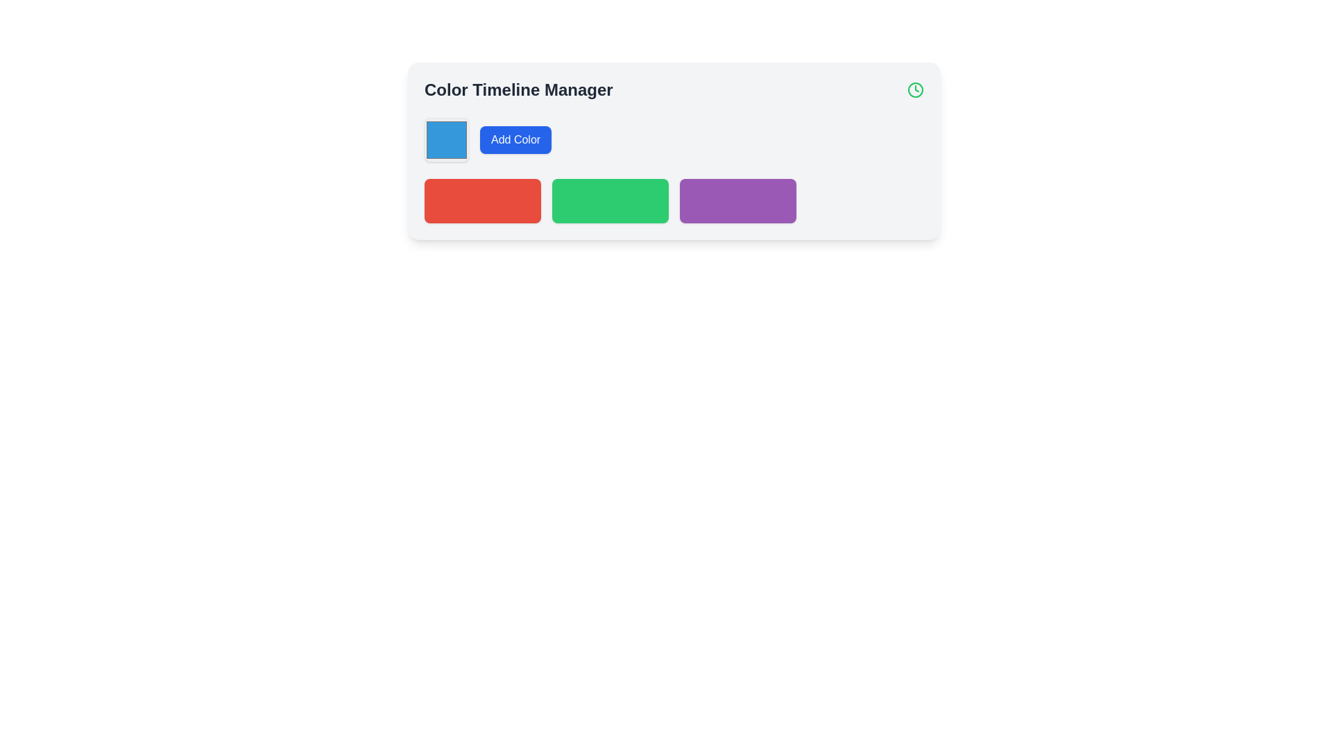 The width and height of the screenshot is (1332, 749). What do you see at coordinates (916, 90) in the screenshot?
I see `the green clock icon located at the top right corner of the 'Color Timeline Manager' group, next to the title text` at bounding box center [916, 90].